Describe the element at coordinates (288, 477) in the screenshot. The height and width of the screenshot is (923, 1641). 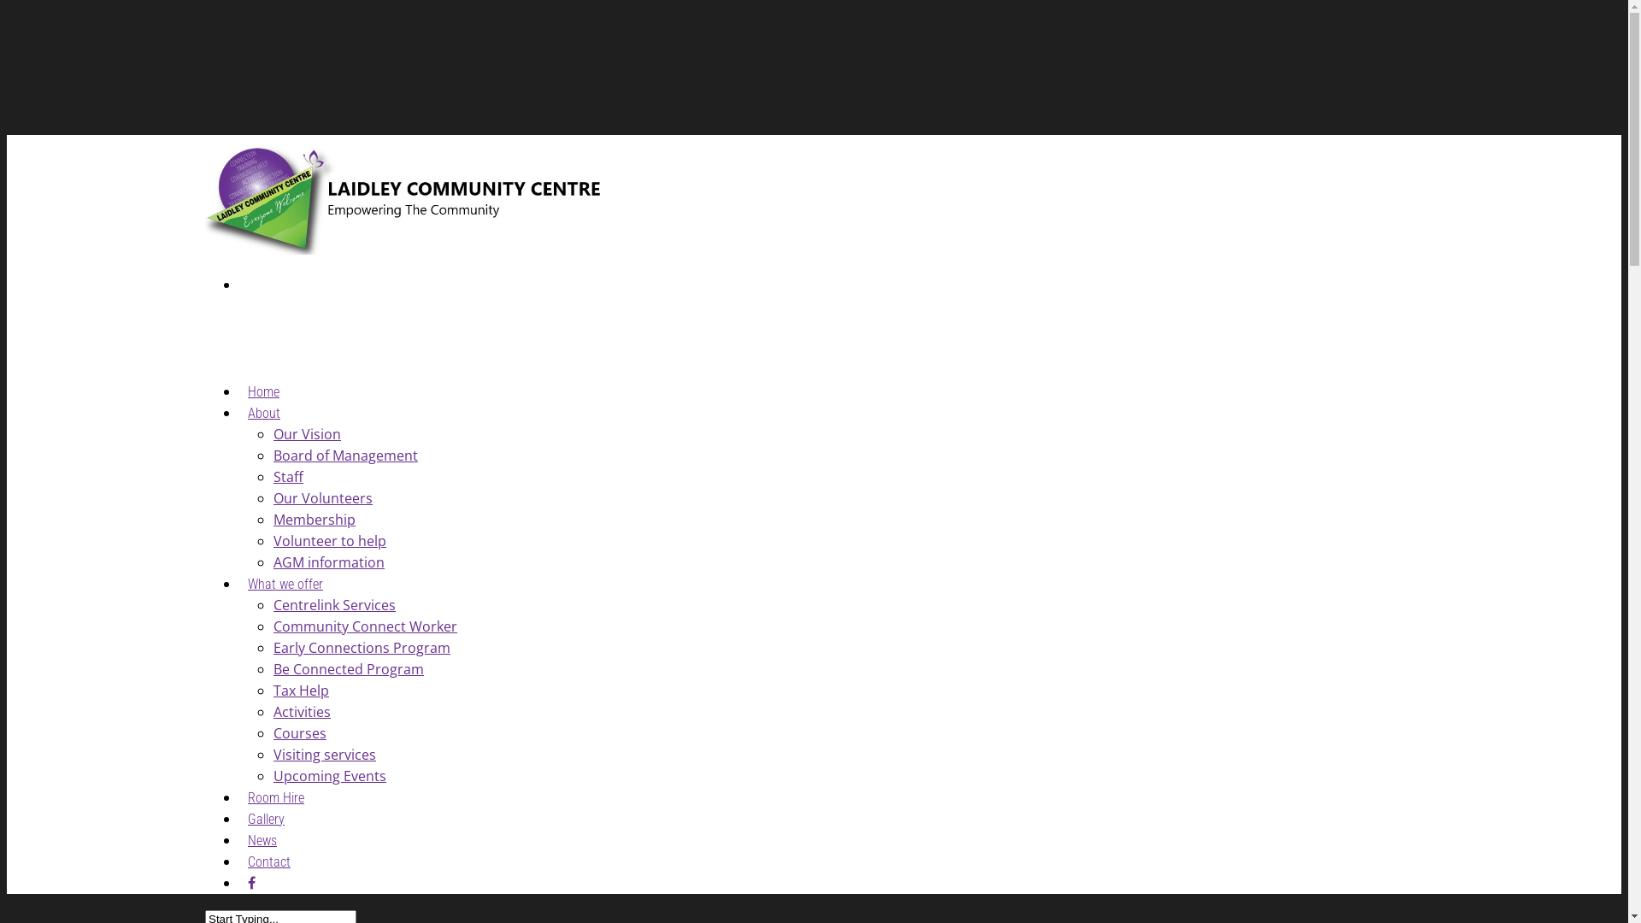
I see `'Staff'` at that location.